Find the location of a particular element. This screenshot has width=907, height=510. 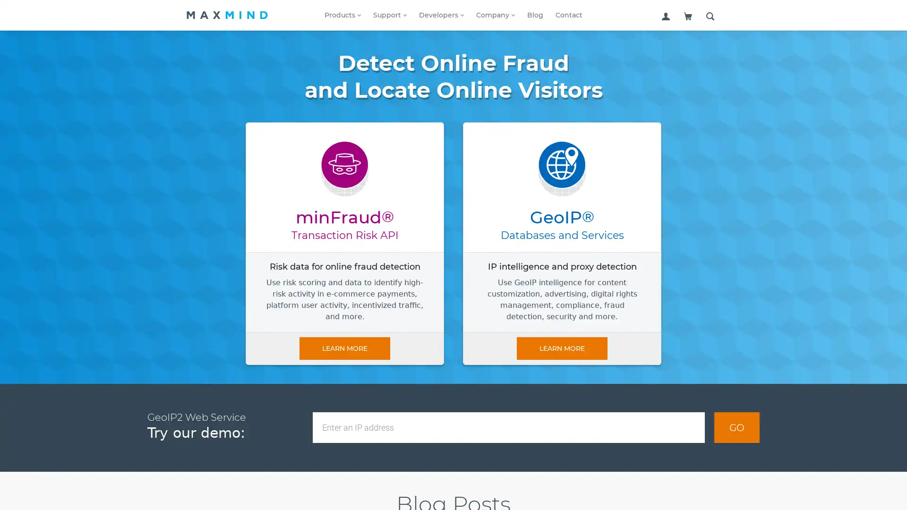

Support is located at coordinates (390, 15).